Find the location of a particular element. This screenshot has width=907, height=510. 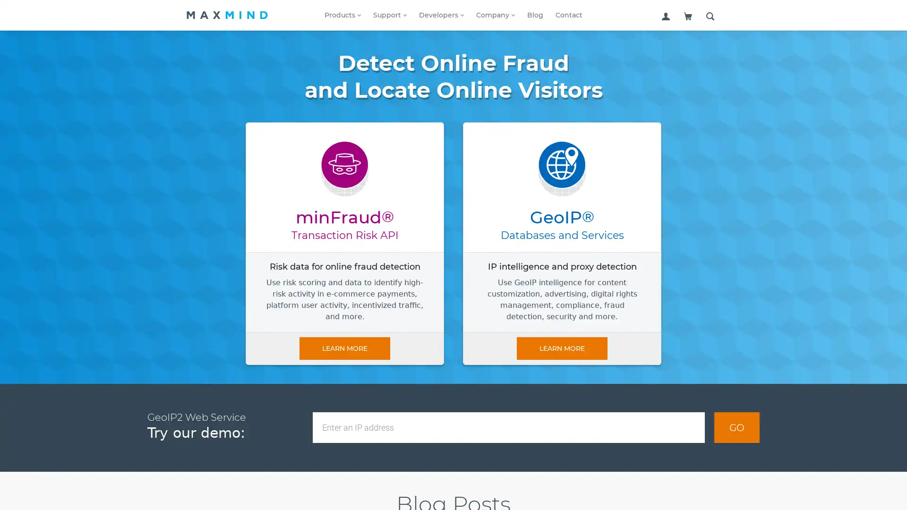

Support is located at coordinates (390, 15).